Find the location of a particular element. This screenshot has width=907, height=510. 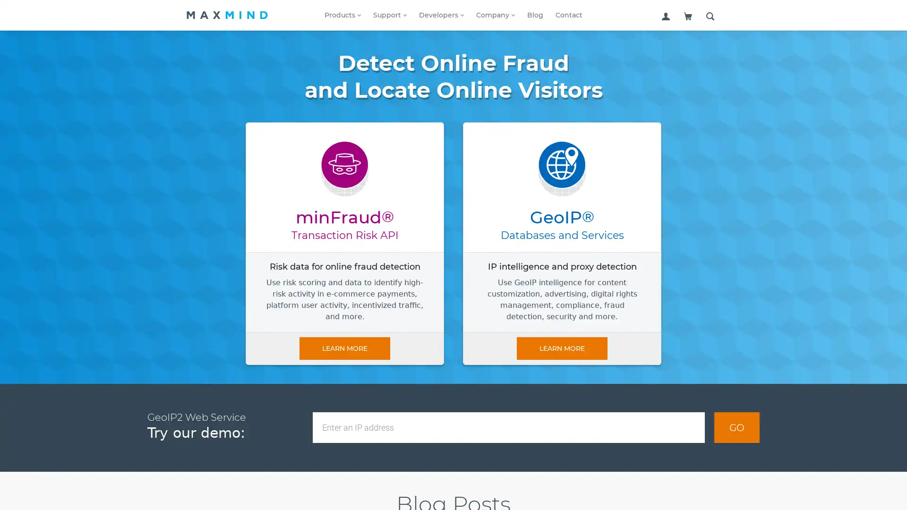

Support is located at coordinates (390, 15).